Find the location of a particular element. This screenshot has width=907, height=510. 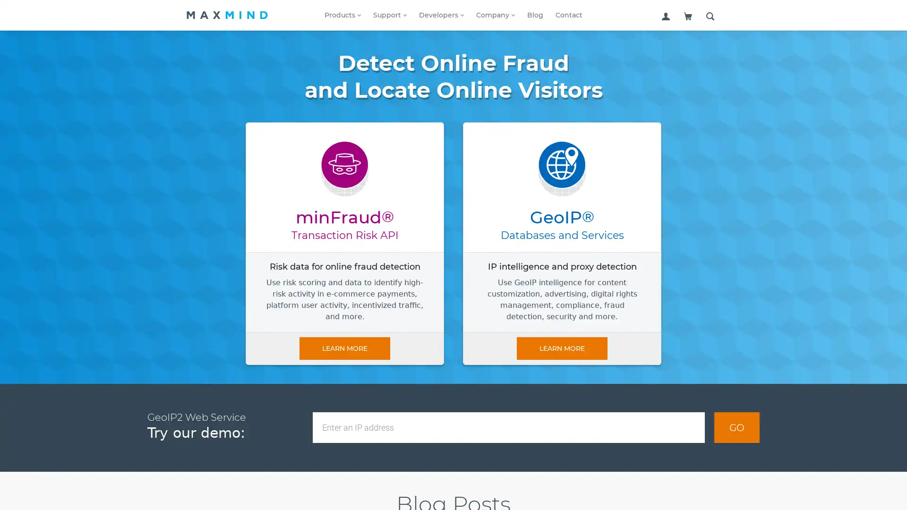

Support is located at coordinates (390, 15).